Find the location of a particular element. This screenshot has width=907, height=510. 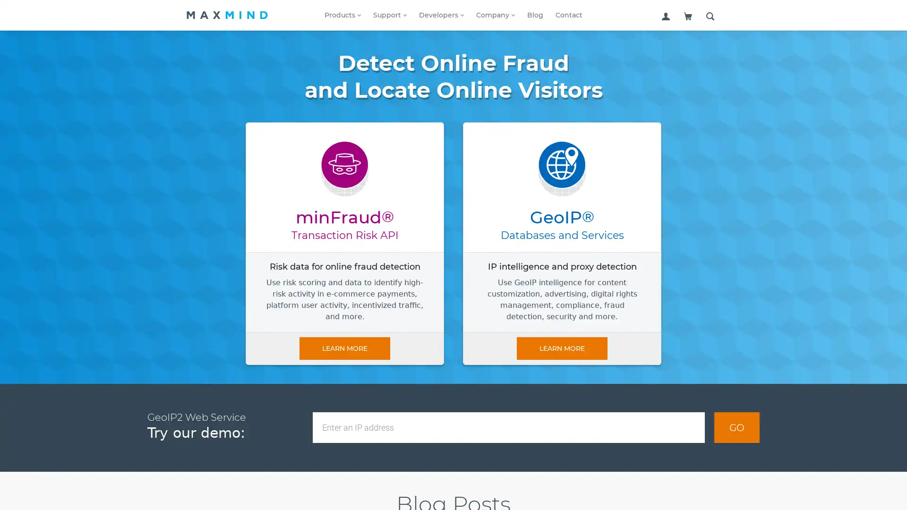

Support is located at coordinates (390, 15).